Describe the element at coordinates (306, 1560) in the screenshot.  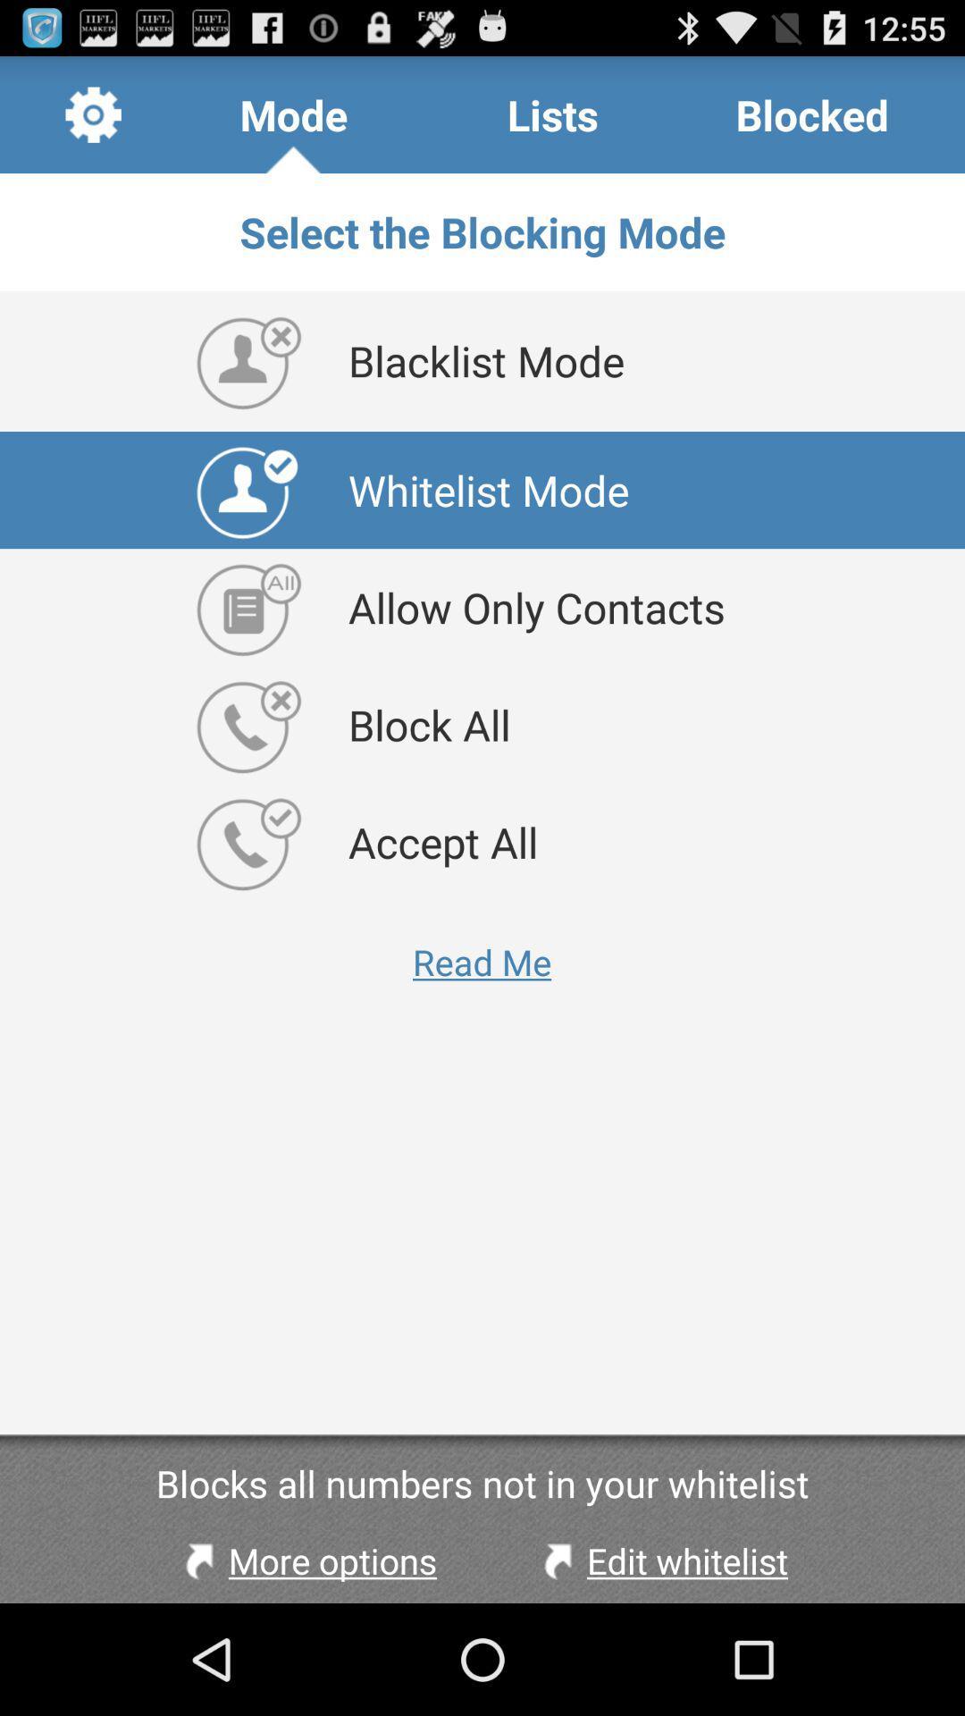
I see `the button to the left of edit whitelist item` at that location.